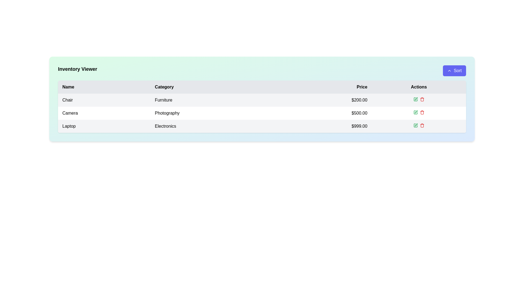  Describe the element at coordinates (415, 125) in the screenshot. I see `the square icon representing an editing feature in the 'Actions' column of the 'Laptop' entry` at that location.